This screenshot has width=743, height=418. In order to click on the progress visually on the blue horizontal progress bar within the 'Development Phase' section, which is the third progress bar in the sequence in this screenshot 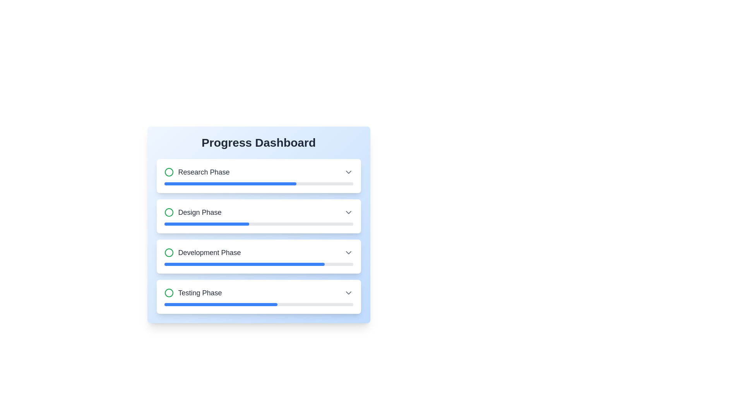, I will do `click(244, 264)`.